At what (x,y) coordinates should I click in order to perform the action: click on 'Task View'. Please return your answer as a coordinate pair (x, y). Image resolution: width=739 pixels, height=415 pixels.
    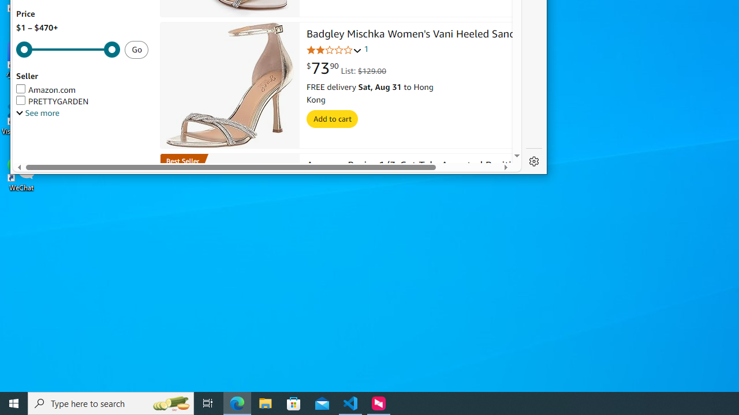
    Looking at the image, I should click on (207, 402).